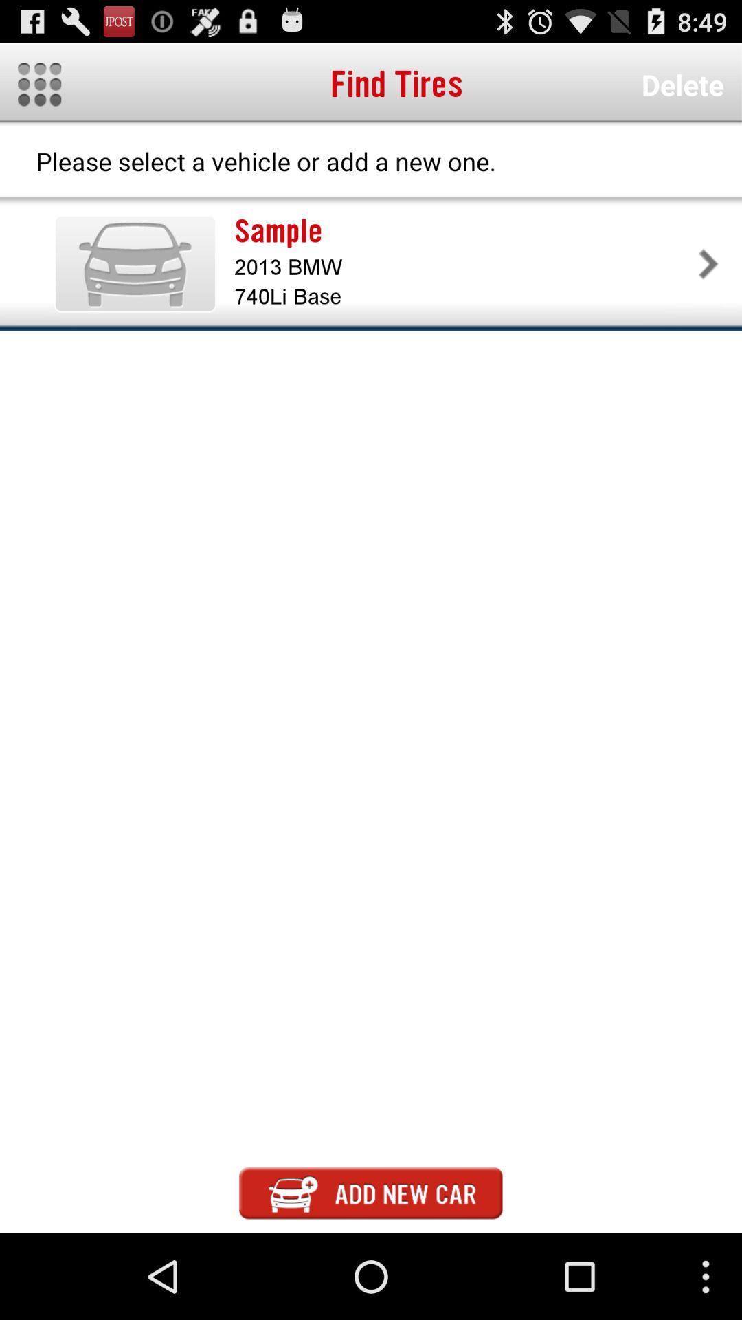 This screenshot has height=1320, width=742. I want to click on the icon next to find tires item, so click(682, 84).